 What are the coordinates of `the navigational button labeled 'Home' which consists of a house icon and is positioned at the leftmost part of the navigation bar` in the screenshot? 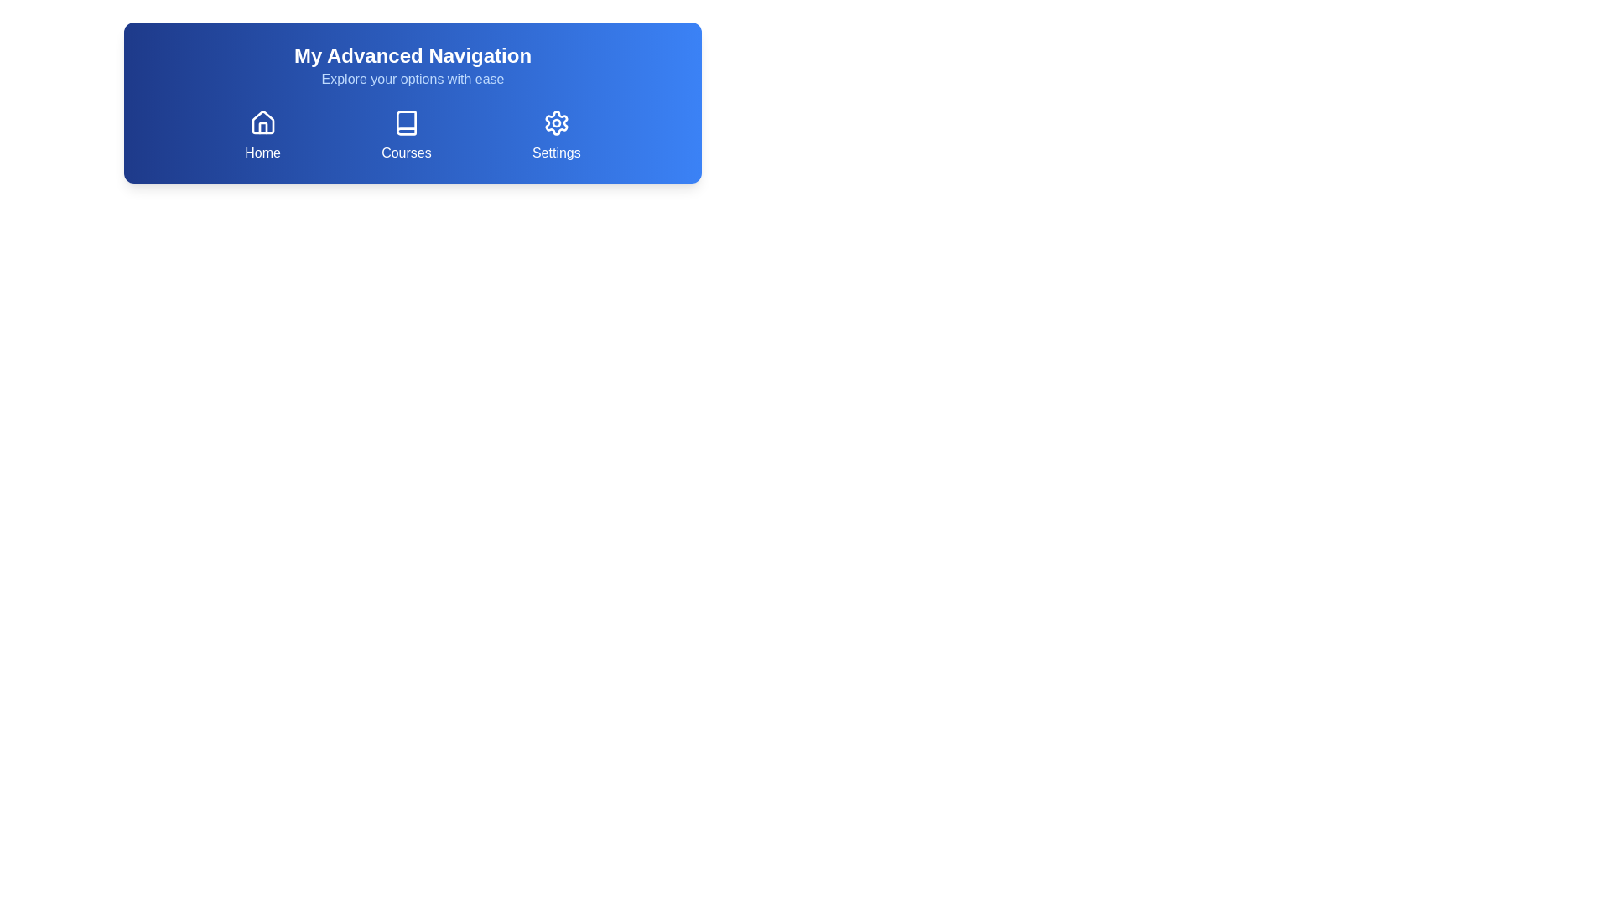 It's located at (262, 135).